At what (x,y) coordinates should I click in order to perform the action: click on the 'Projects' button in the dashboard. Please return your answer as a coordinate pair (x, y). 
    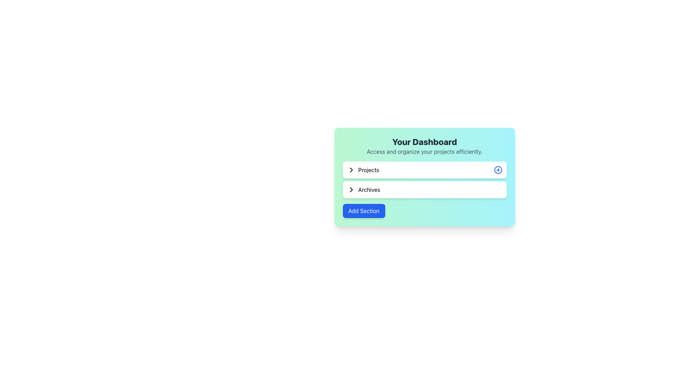
    Looking at the image, I should click on (424, 170).